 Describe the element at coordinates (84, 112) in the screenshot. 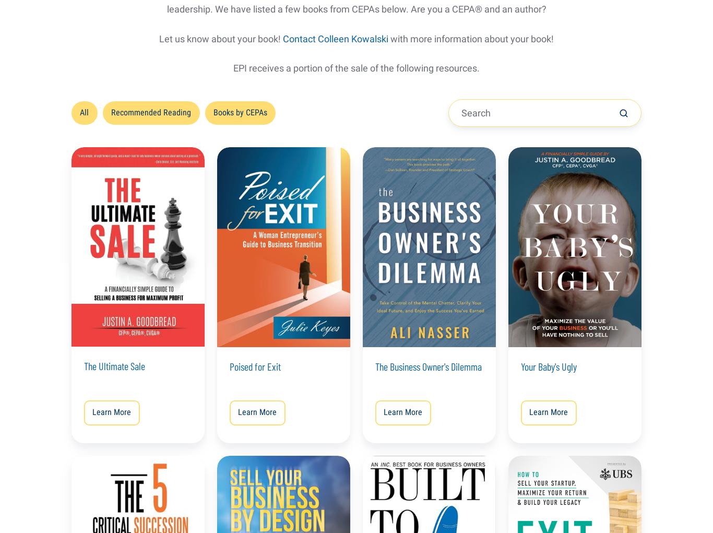

I see `'All'` at that location.